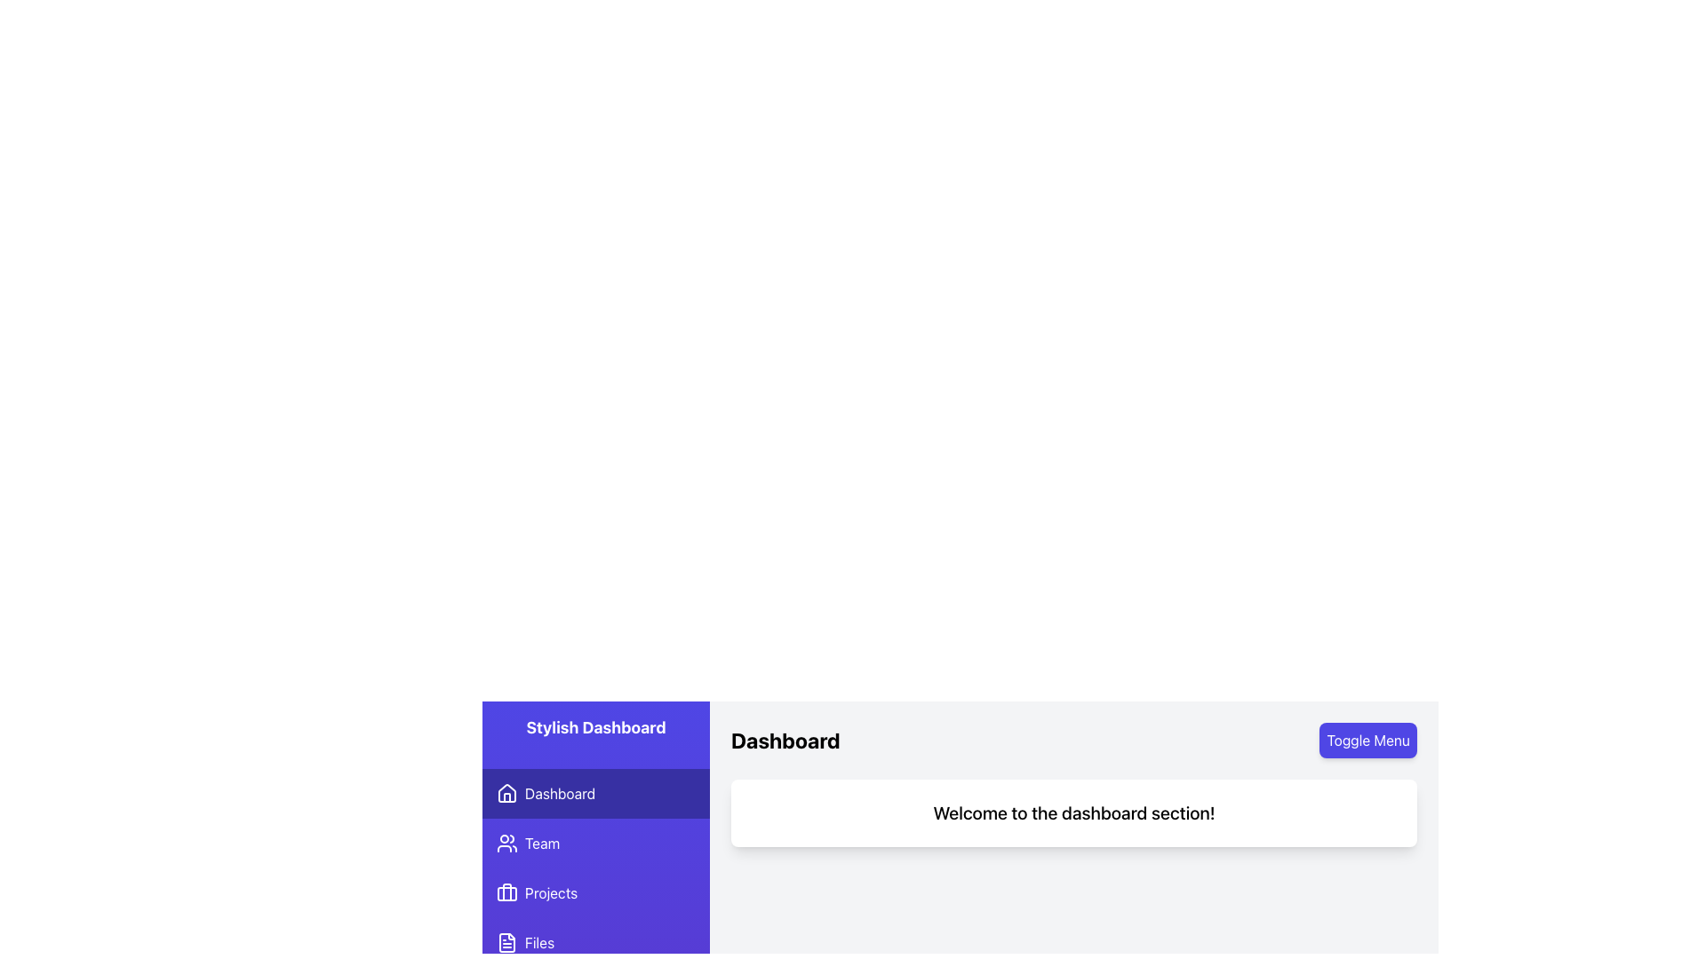  I want to click on the 'Dashboard' text label in the navigational sidebar, so click(559, 793).